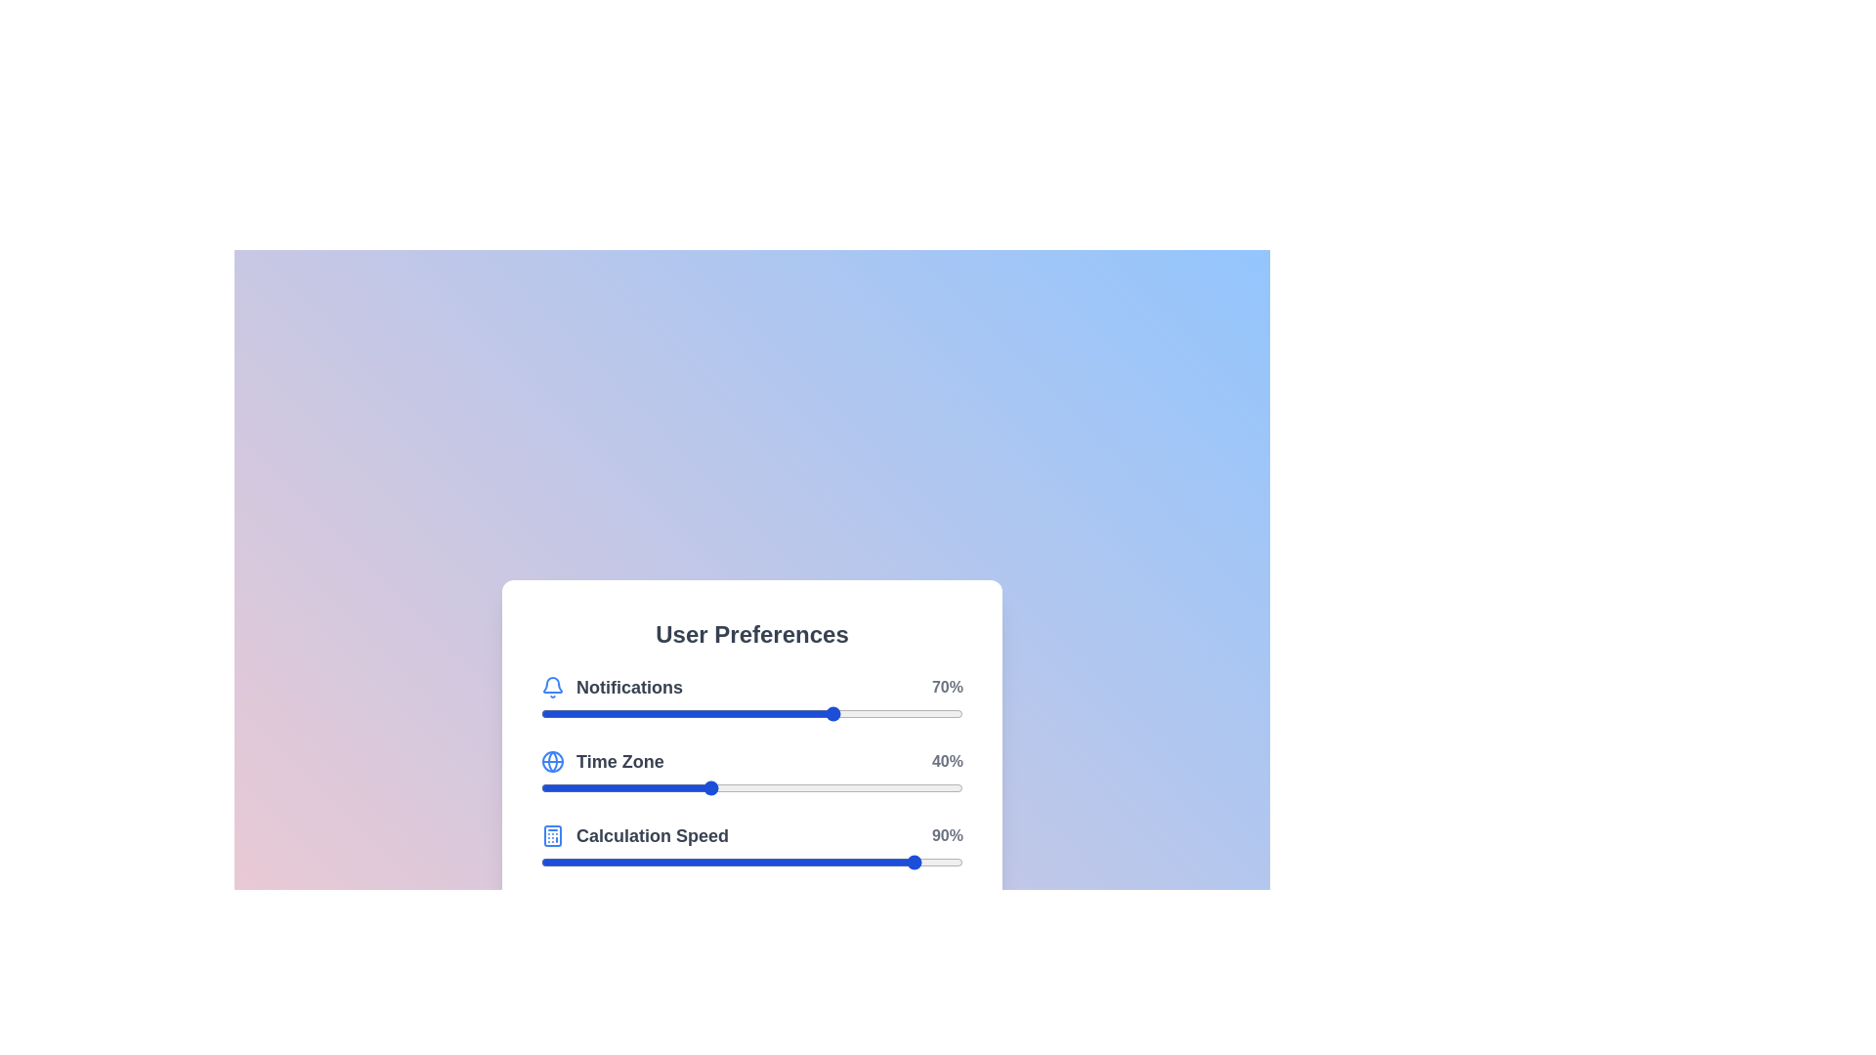 Image resolution: width=1876 pixels, height=1055 pixels. I want to click on the heading text 'User Preferences', so click(750, 635).